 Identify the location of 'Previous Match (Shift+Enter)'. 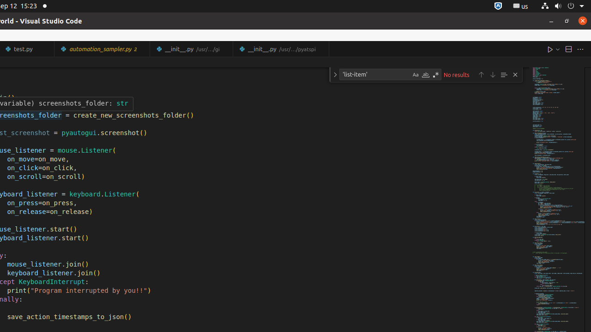
(481, 74).